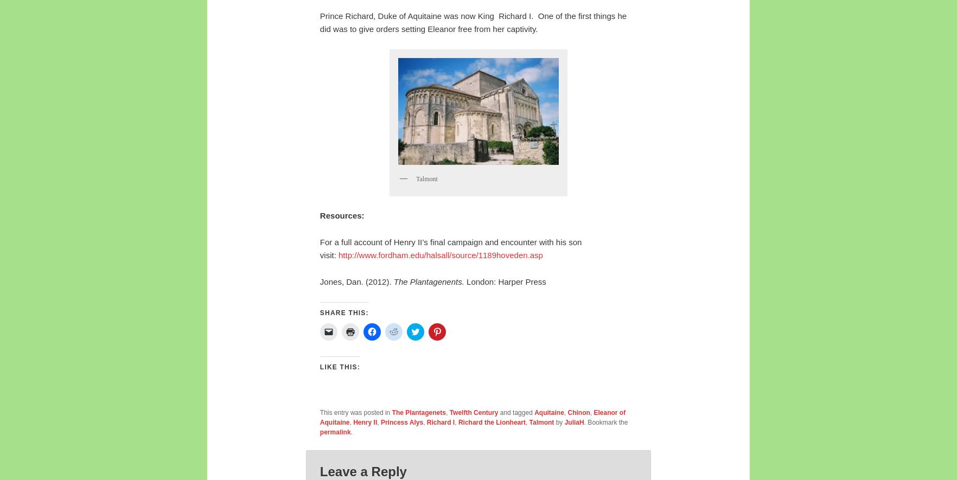  I want to click on 'Jones, Dan. (2012).', so click(356, 281).